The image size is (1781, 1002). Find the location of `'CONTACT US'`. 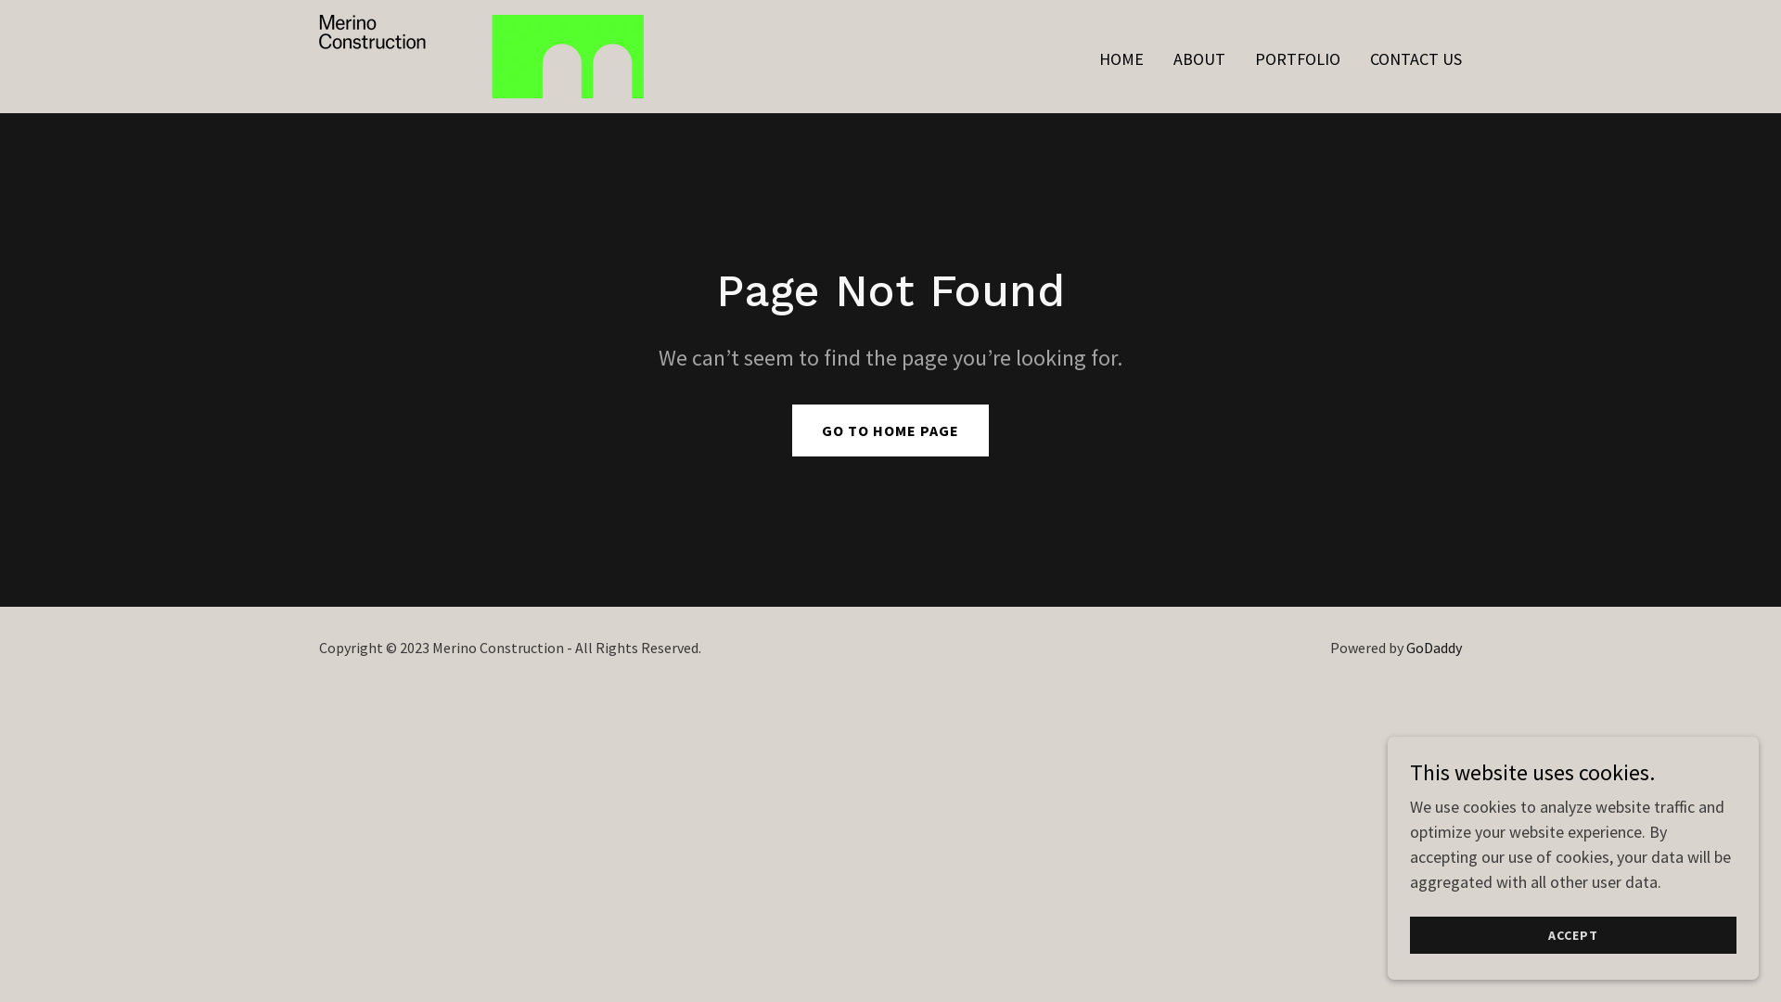

'CONTACT US' is located at coordinates (1415, 58).